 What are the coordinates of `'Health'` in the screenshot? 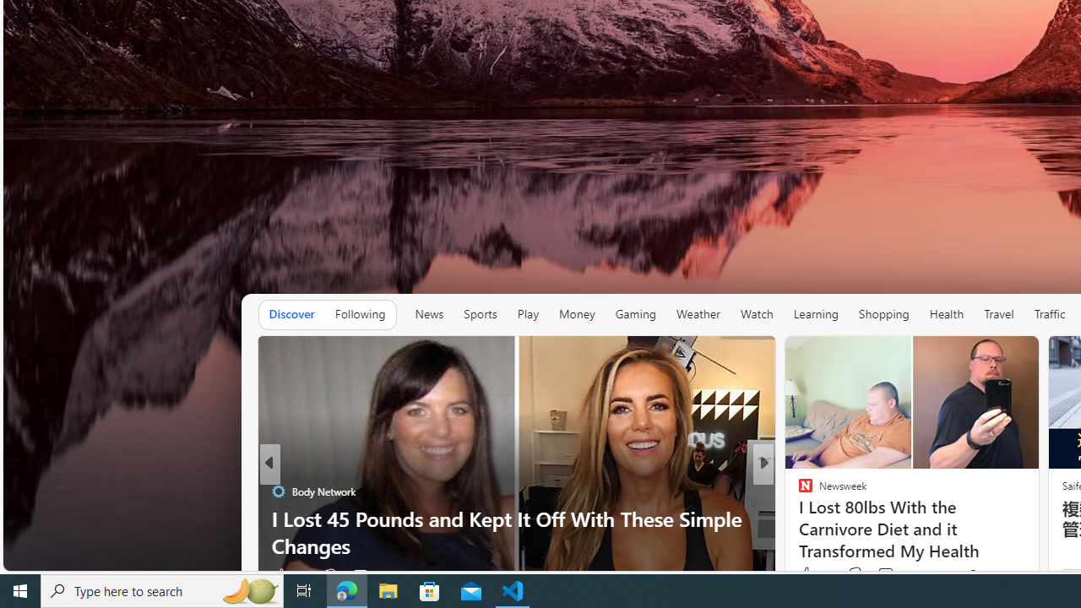 It's located at (947, 314).